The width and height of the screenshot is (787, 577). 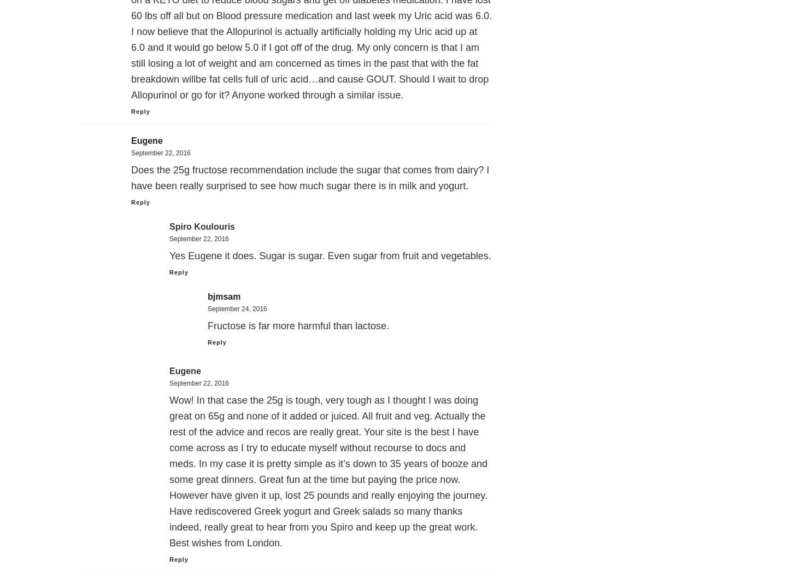 I want to click on 'Fructose is far more harmful than lactose.', so click(x=298, y=325).